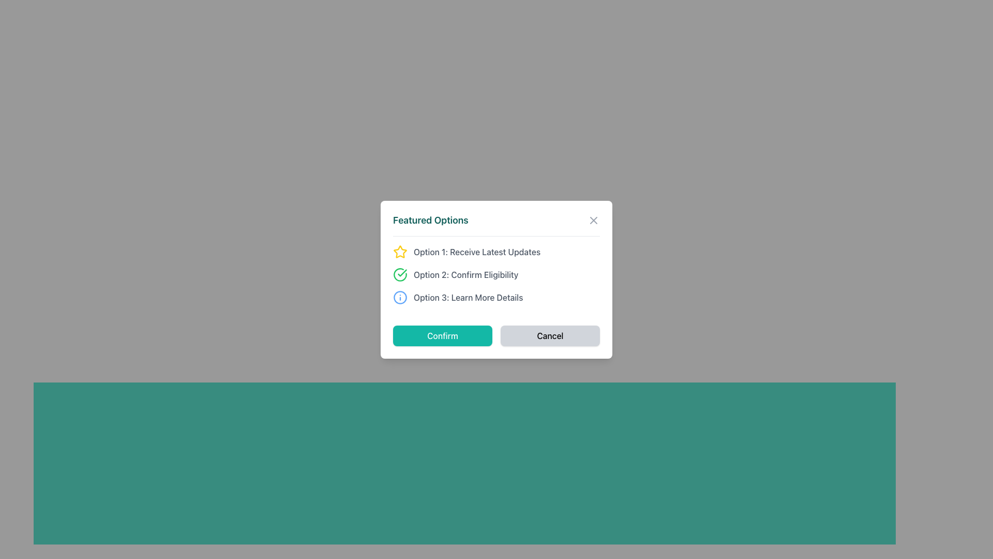 Image resolution: width=993 pixels, height=559 pixels. What do you see at coordinates (401, 272) in the screenshot?
I see `the green checkmark icon inside the modal under 'Option 2: Confirm Eligibility', indicating a successful action` at bounding box center [401, 272].